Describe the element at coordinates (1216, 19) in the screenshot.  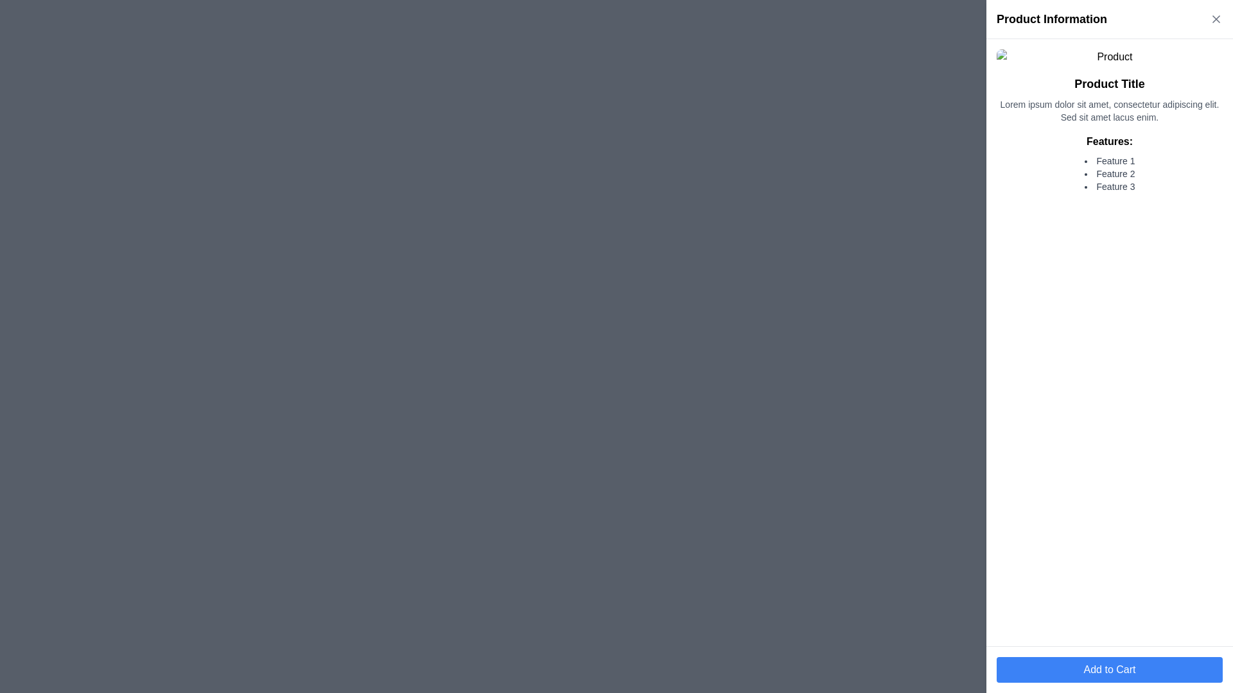
I see `the second 'X' icon in the SVG graphic located at the top-right corner of the Product Information section` at that location.